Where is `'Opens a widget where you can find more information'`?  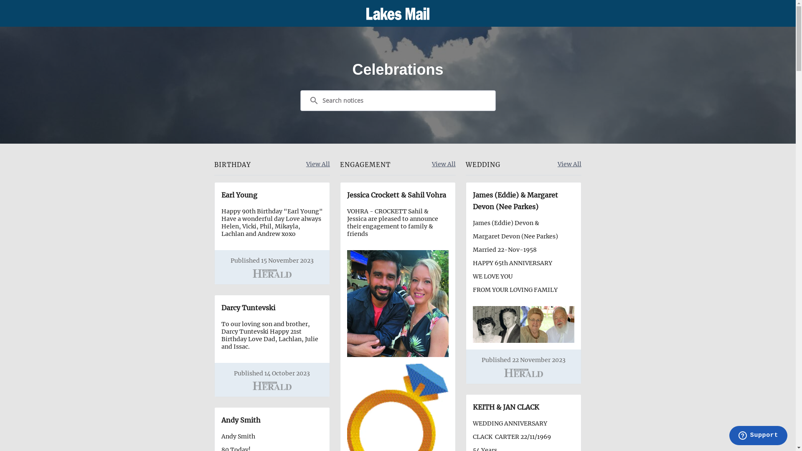 'Opens a widget where you can find more information' is located at coordinates (758, 436).